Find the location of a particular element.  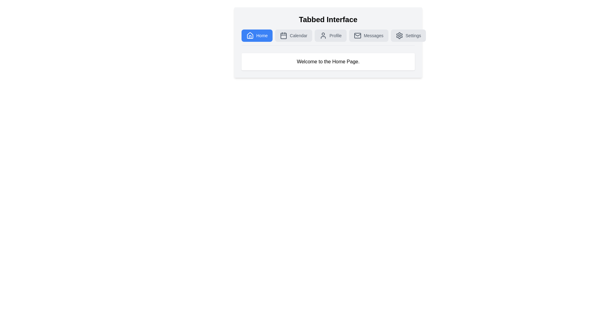

the navigation button located at the far right of the horizontal navigation bar is located at coordinates (408, 35).